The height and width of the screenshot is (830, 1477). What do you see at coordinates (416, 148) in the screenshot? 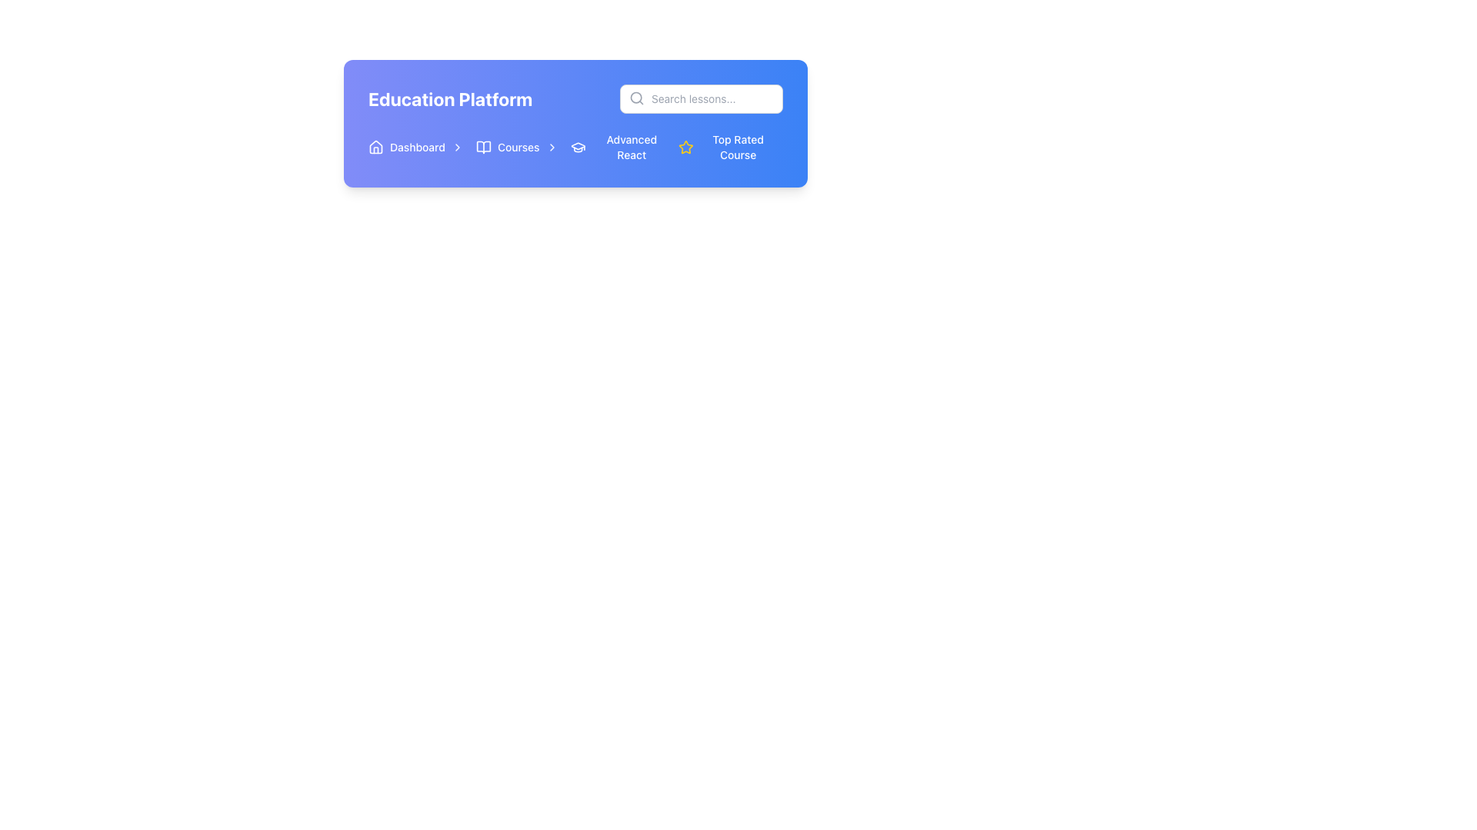
I see `the first breadcrumb navigation link in the horizontal navigation bar` at bounding box center [416, 148].